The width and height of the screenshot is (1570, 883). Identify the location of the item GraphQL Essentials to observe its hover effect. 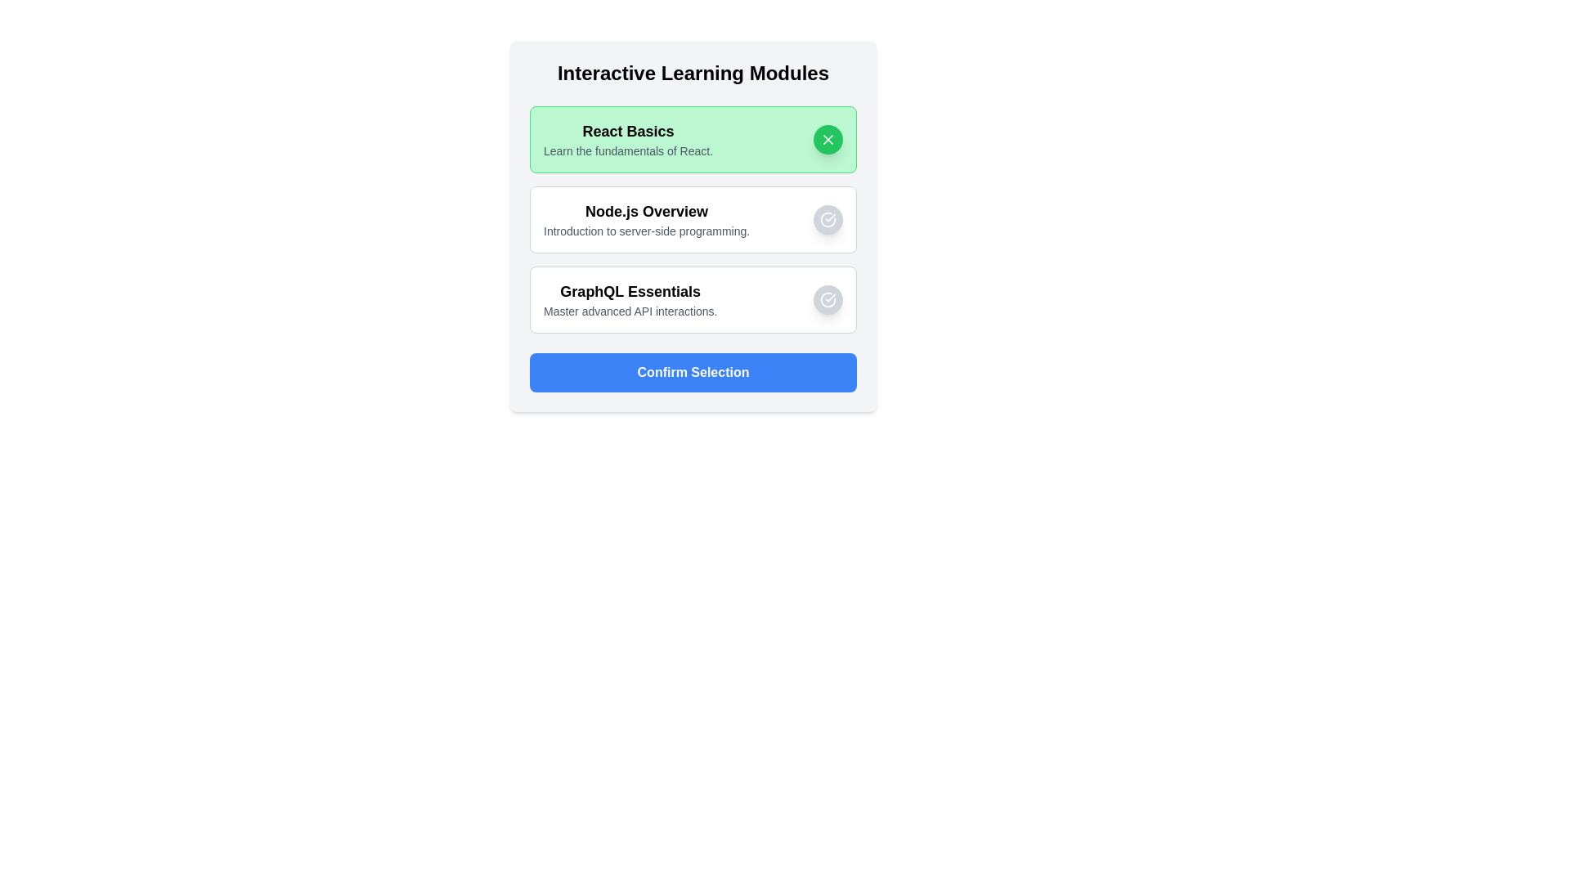
(693, 299).